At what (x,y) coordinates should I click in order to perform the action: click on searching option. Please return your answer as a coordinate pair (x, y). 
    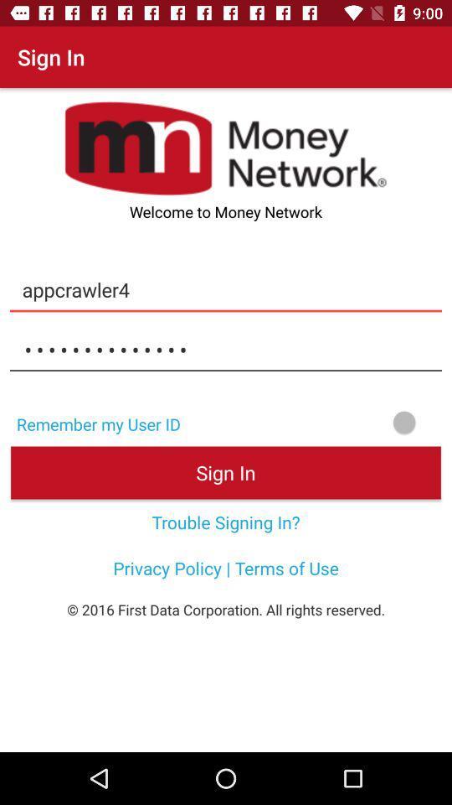
    Looking at the image, I should click on (321, 421).